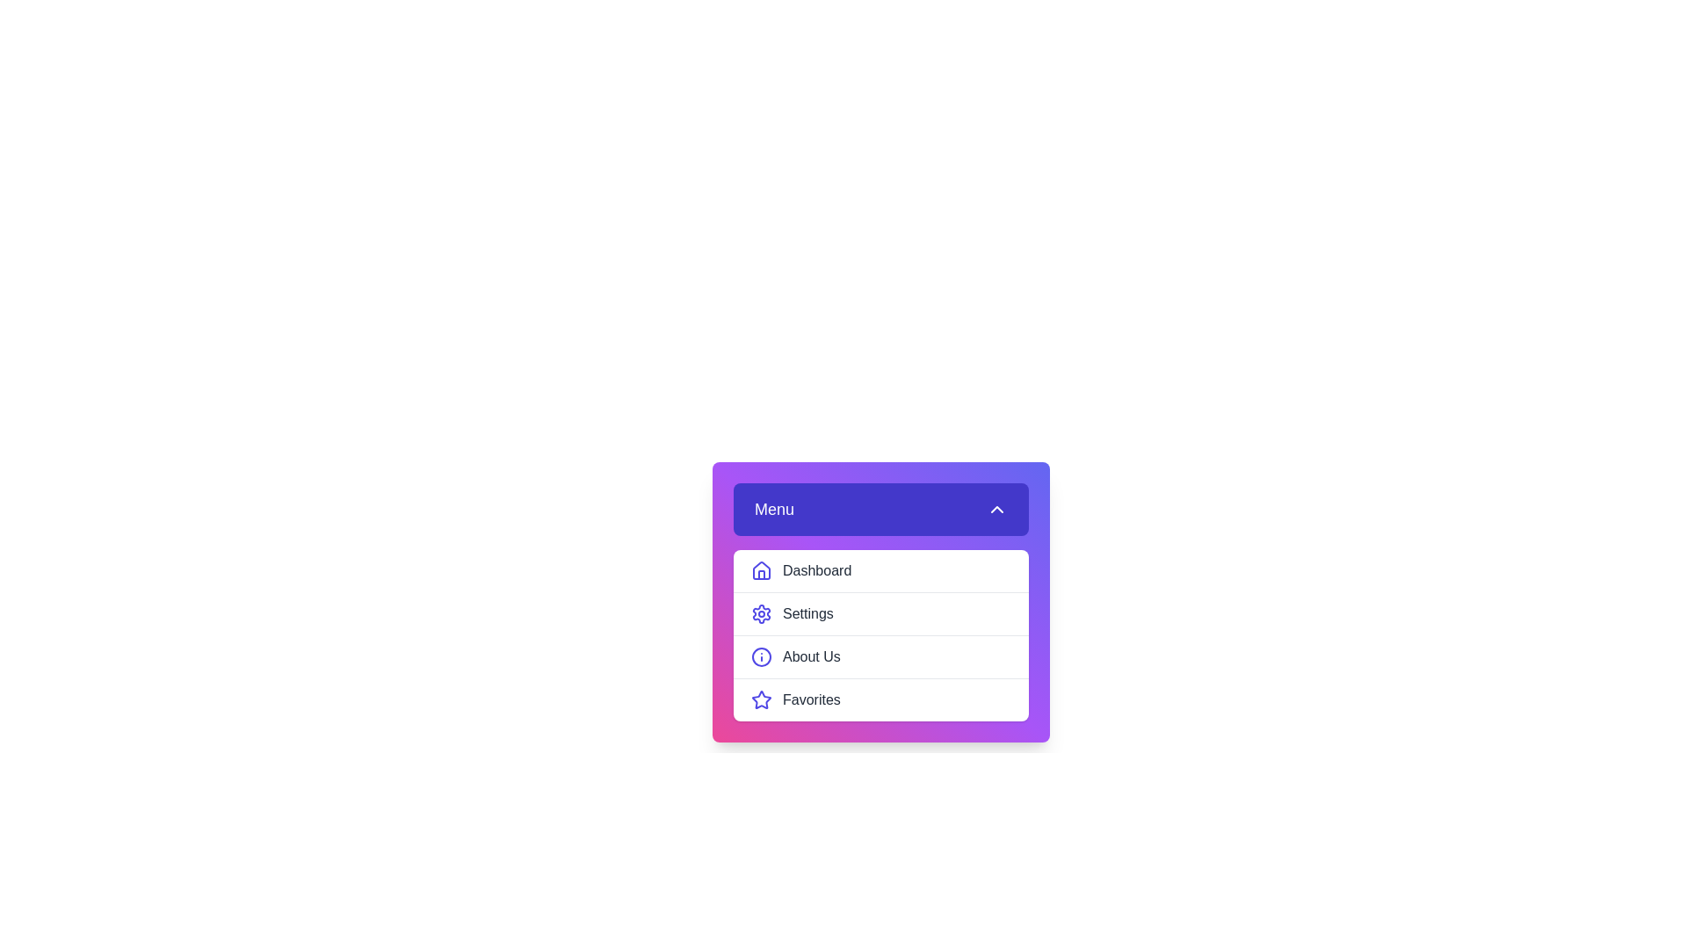 The image size is (1687, 949). What do you see at coordinates (881, 509) in the screenshot?
I see `the 'Menu' button to collapse the menu` at bounding box center [881, 509].